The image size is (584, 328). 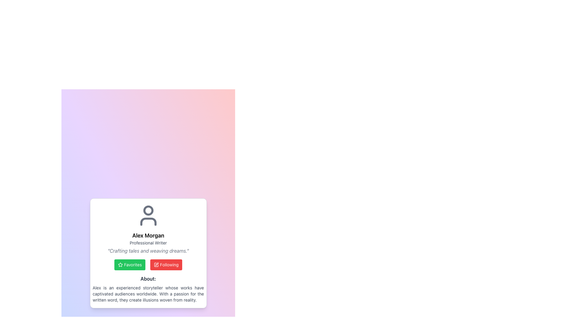 I want to click on the star-shaped icon with a green fill color, located within the green 'Favorites' button, so click(x=120, y=264).